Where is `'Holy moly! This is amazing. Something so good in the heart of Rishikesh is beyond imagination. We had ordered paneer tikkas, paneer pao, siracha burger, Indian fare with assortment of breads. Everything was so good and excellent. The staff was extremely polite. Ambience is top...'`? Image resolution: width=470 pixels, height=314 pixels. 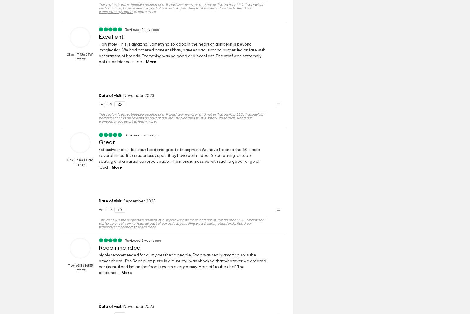
'Holy moly! This is amazing. Something so good in the heart of Rishikesh is beyond imagination. We had ordered paneer tikkas, paneer pao, siracha burger, Indian fare with assortment of breads. Everything was so good and excellent. The staff was extremely polite. Ambience is top...' is located at coordinates (182, 53).